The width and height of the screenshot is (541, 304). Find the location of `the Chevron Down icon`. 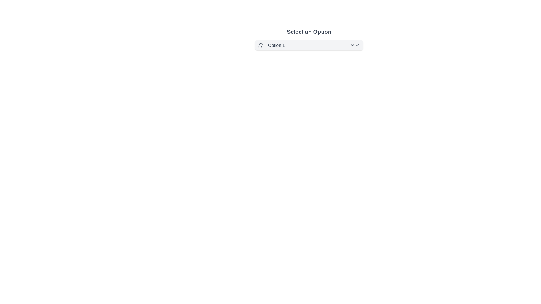

the Chevron Down icon is located at coordinates (357, 45).